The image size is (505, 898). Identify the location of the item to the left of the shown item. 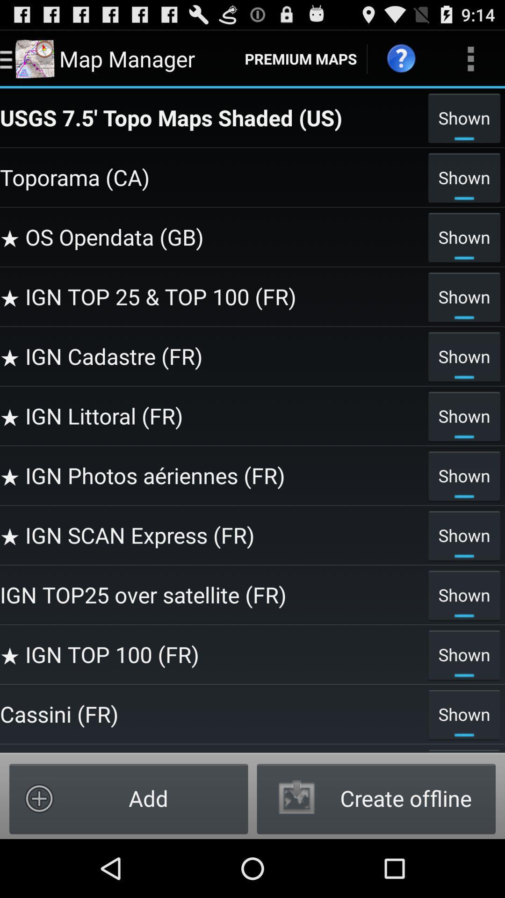
(211, 713).